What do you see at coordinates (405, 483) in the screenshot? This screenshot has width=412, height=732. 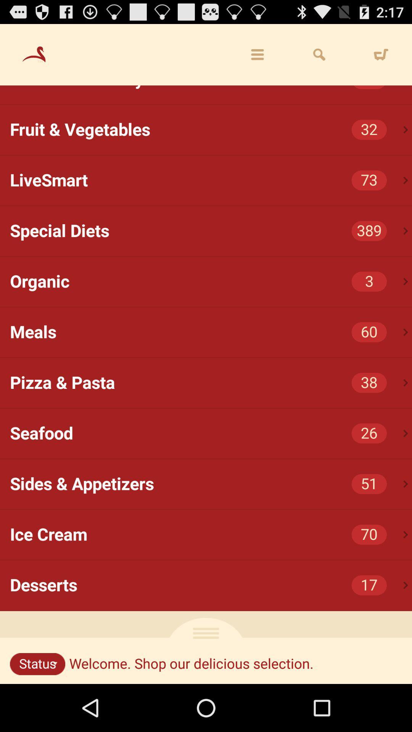 I see `icon next to 51 item` at bounding box center [405, 483].